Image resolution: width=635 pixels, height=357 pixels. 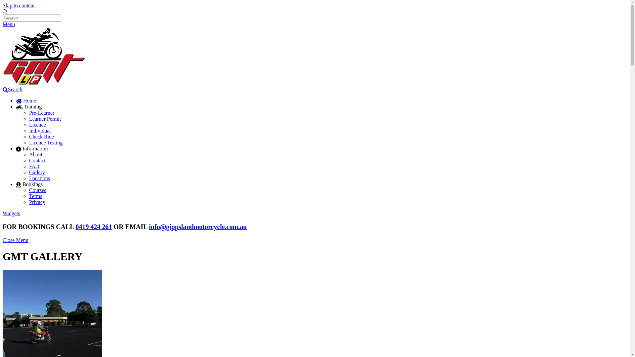 I want to click on 'Check Ride', so click(x=41, y=136).